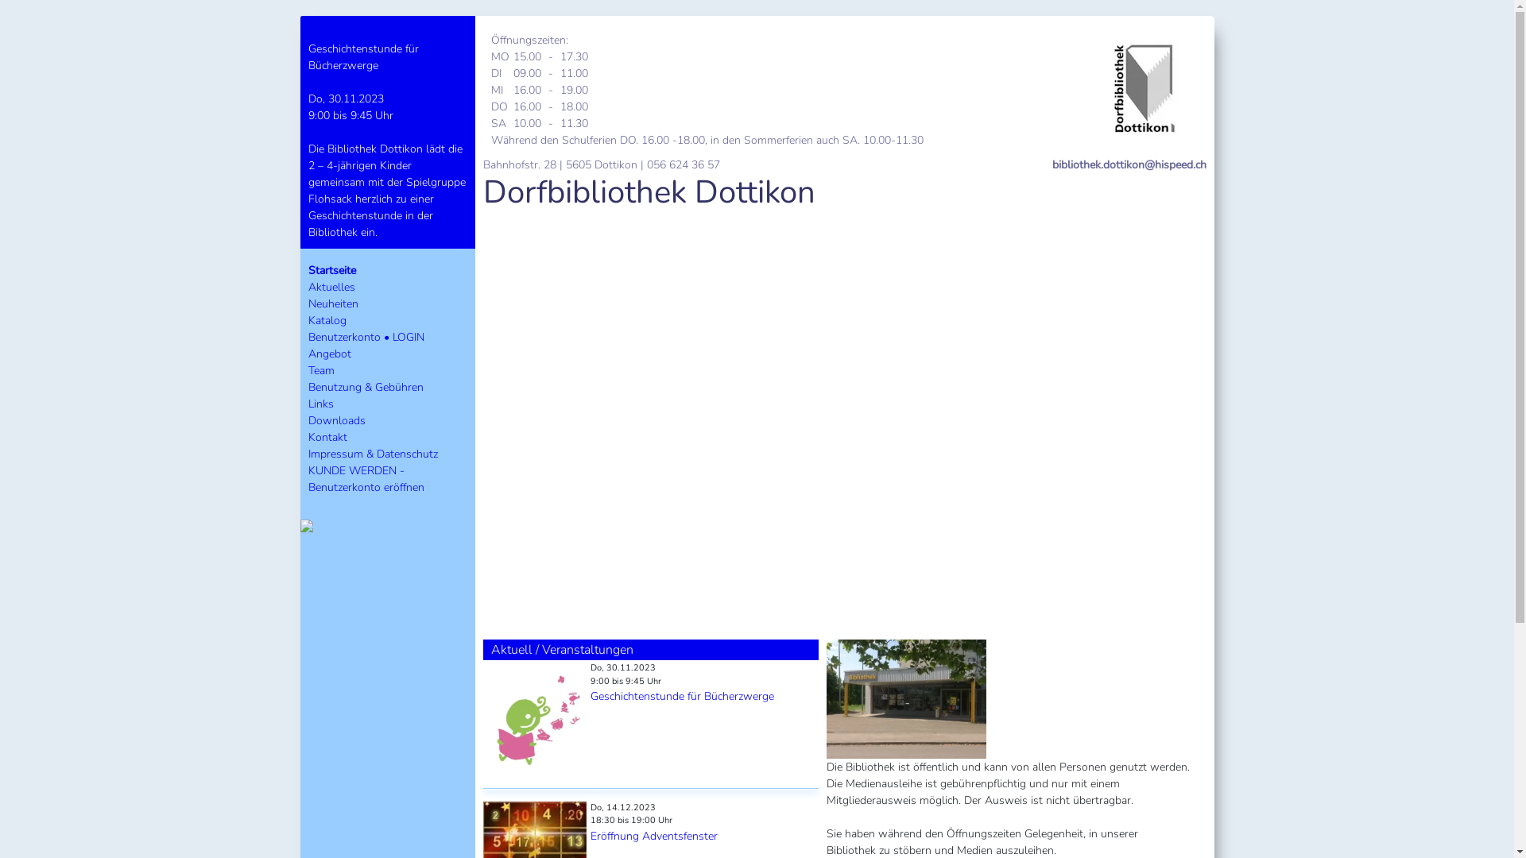 Image resolution: width=1526 pixels, height=858 pixels. I want to click on 'Downloads', so click(335, 419).